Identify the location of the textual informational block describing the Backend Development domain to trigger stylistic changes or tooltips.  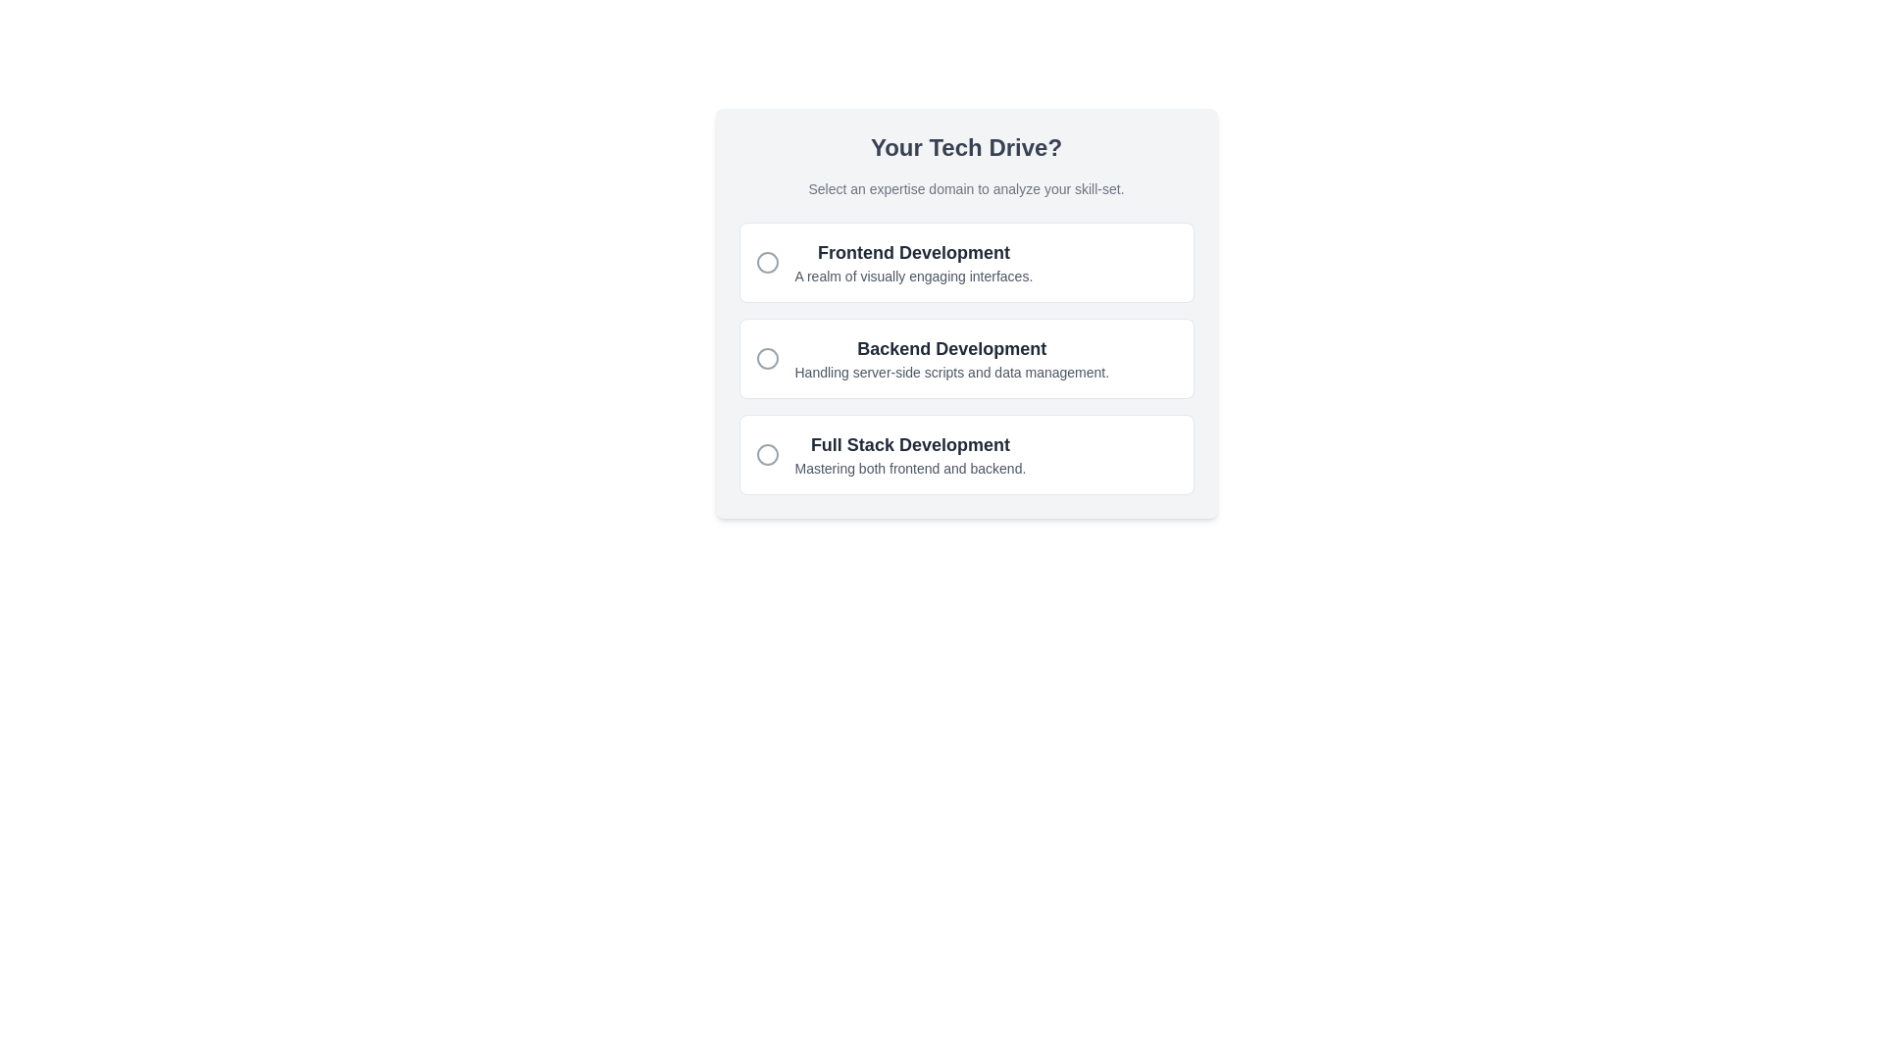
(951, 359).